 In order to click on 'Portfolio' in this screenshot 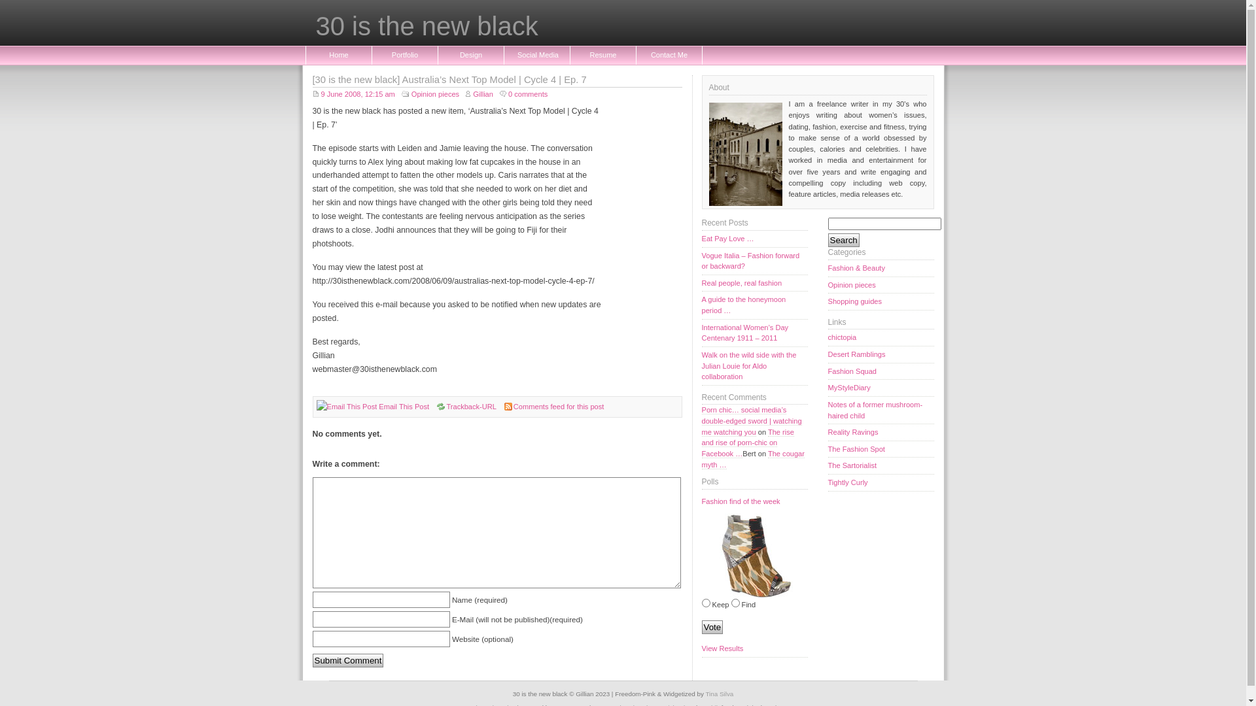, I will do `click(404, 54)`.